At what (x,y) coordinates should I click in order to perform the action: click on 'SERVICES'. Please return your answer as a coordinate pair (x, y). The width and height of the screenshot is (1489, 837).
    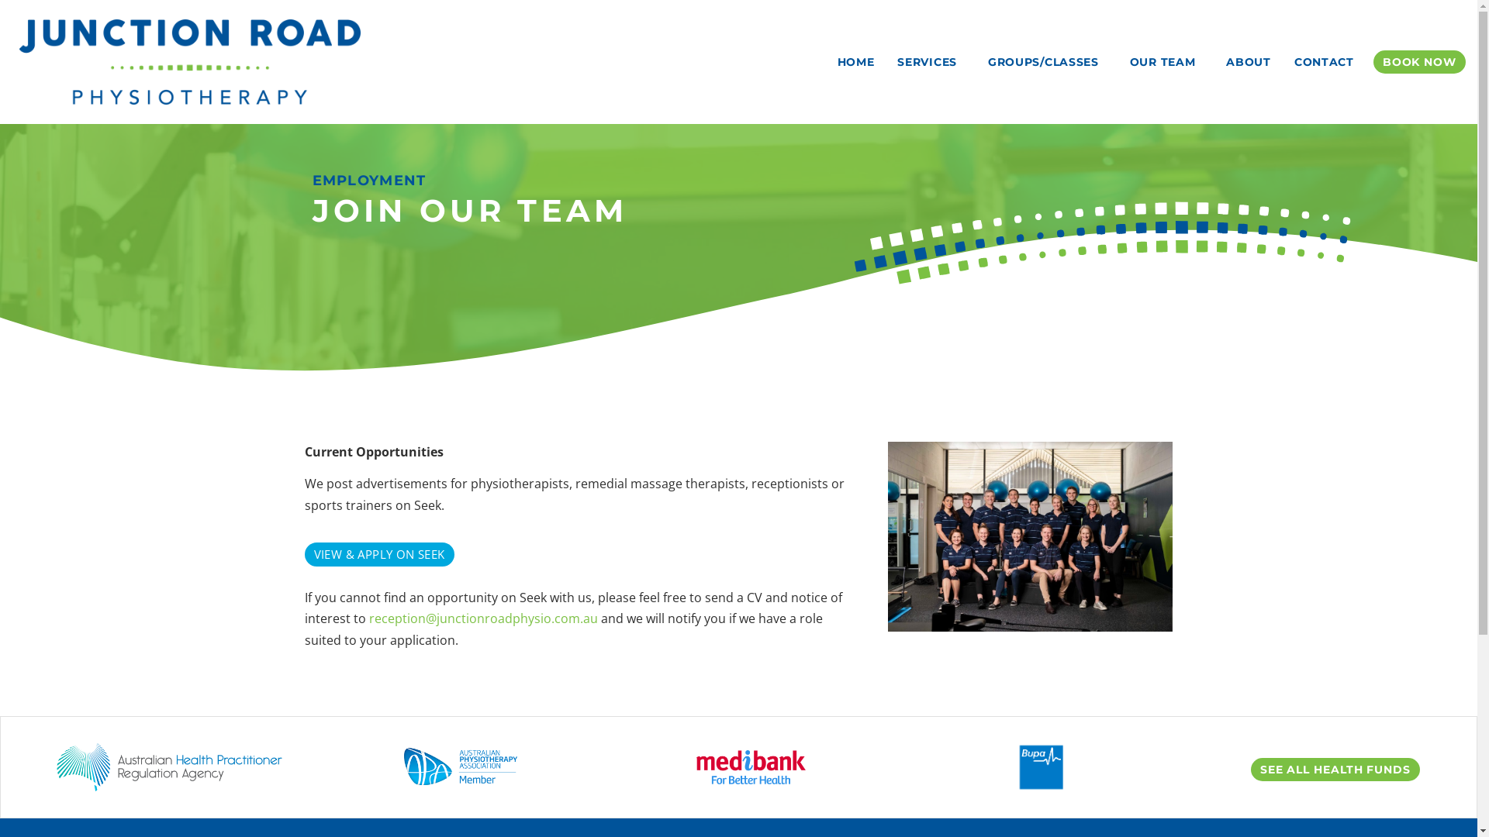
    Looking at the image, I should click on (886, 61).